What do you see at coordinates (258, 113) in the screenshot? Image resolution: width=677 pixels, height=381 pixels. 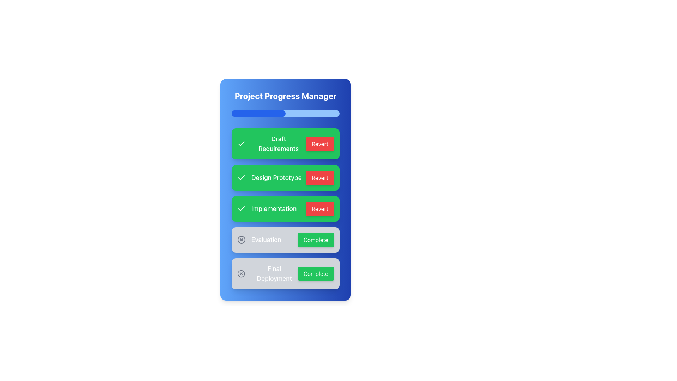 I see `progress bar` at bounding box center [258, 113].